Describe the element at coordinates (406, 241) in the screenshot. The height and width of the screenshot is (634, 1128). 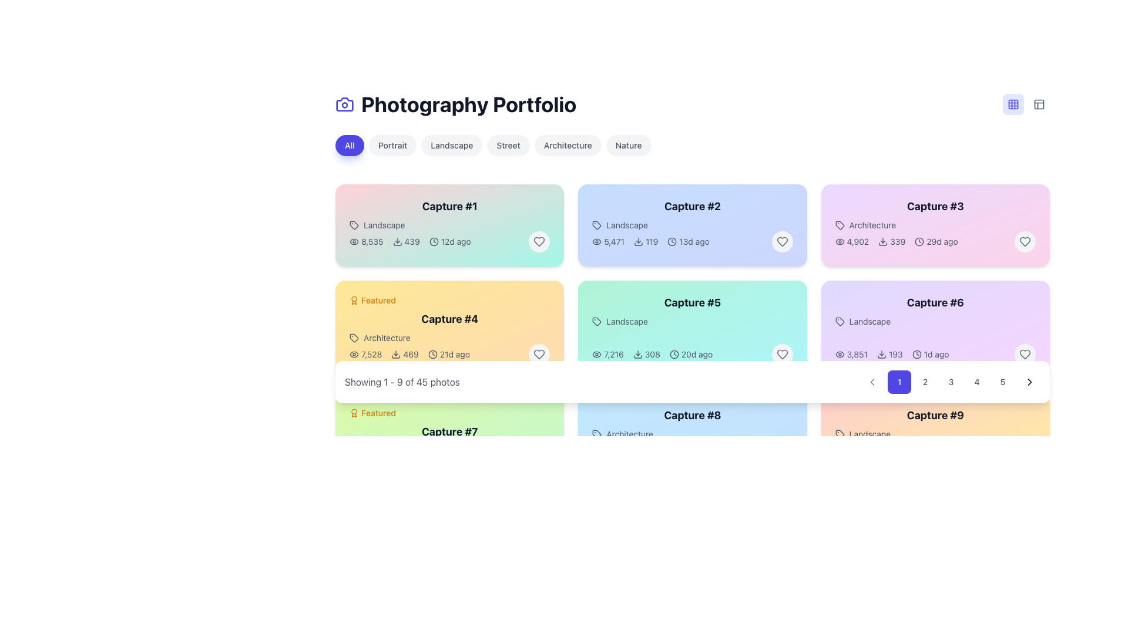
I see `the text element displaying the numeral '439' with a download arrow icon, located between the view count '8,535' and the time indicator '12d ago'` at that location.